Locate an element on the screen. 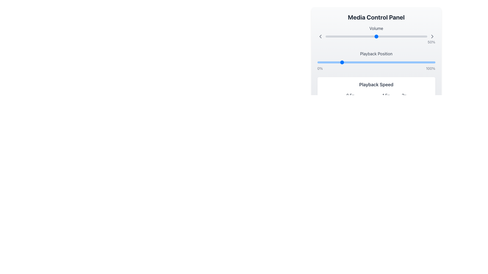 The width and height of the screenshot is (488, 274). the volume level is located at coordinates (387, 36).